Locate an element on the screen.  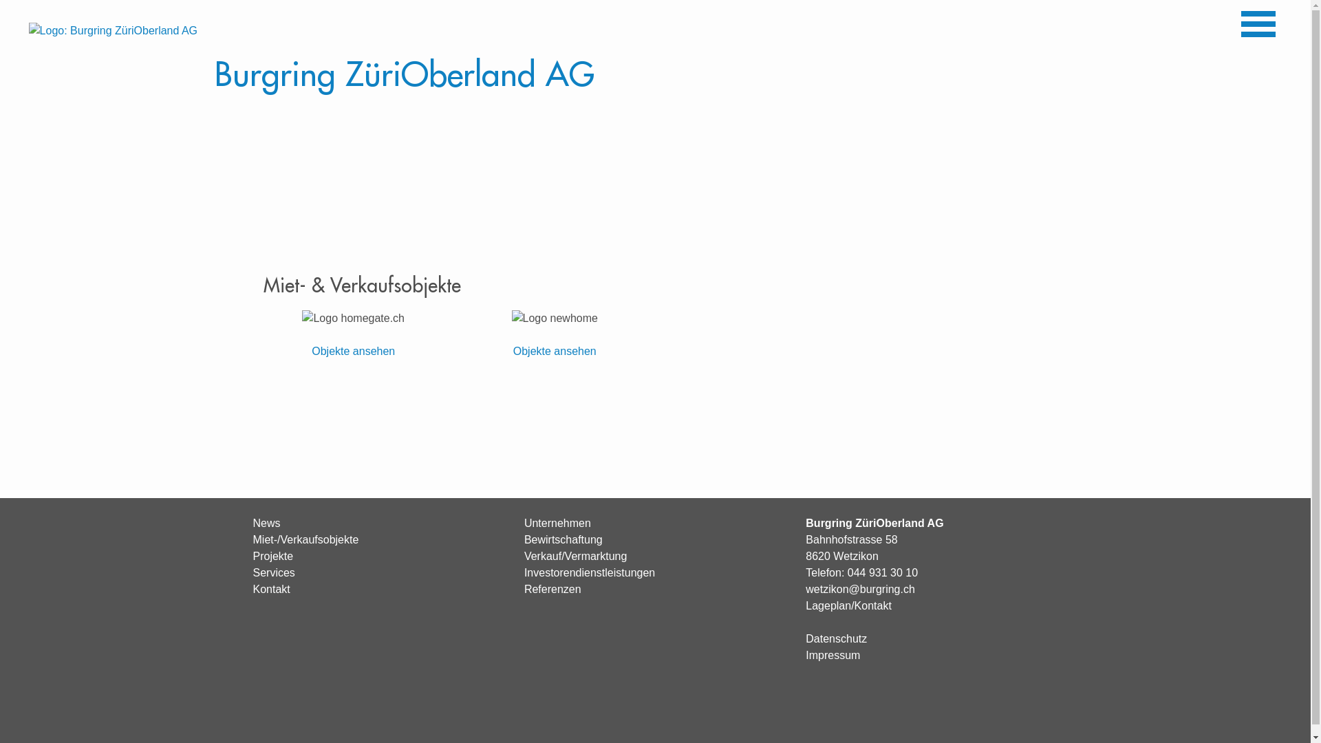
'News' is located at coordinates (253, 523).